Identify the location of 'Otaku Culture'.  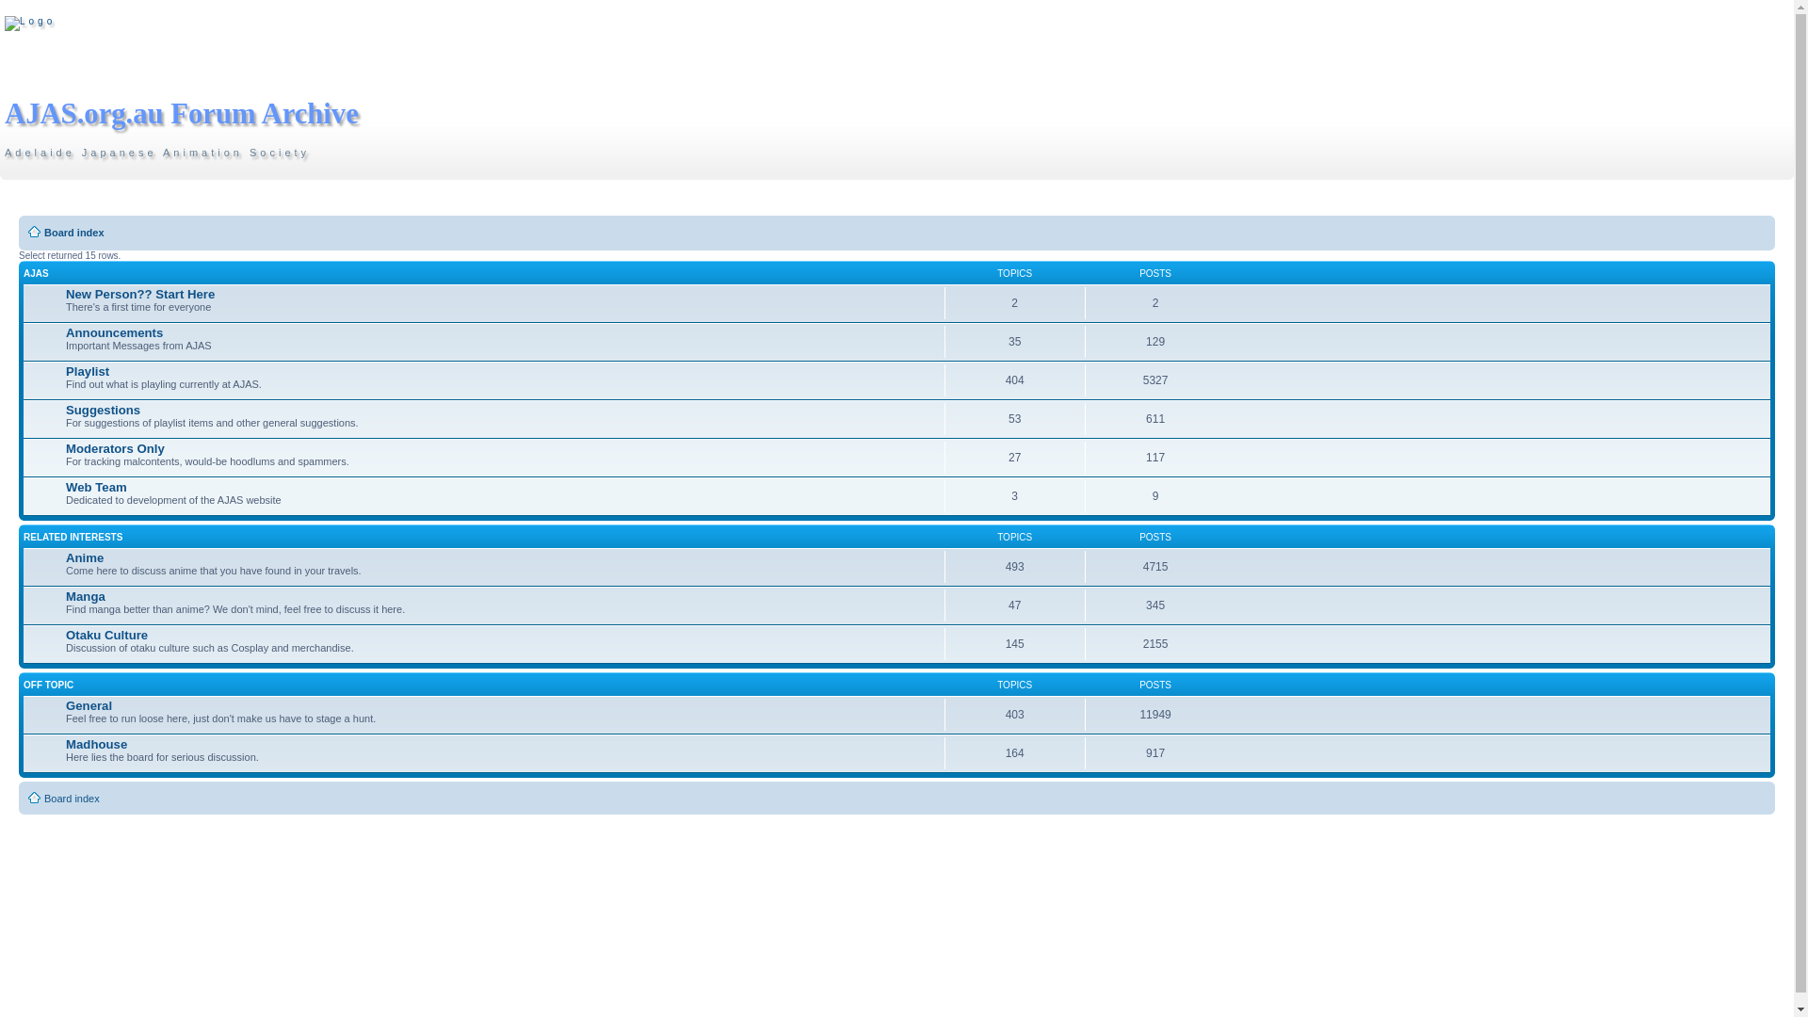
(105, 635).